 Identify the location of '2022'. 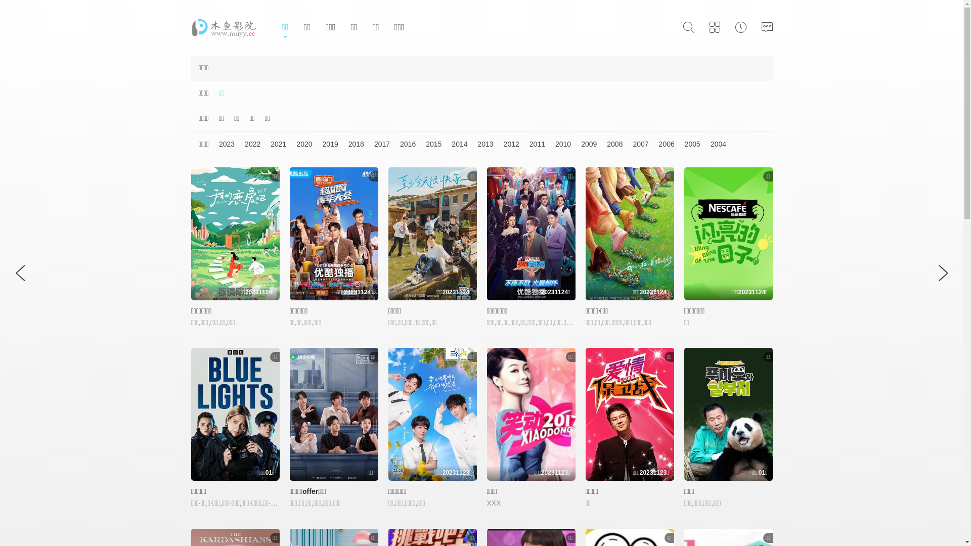
(247, 144).